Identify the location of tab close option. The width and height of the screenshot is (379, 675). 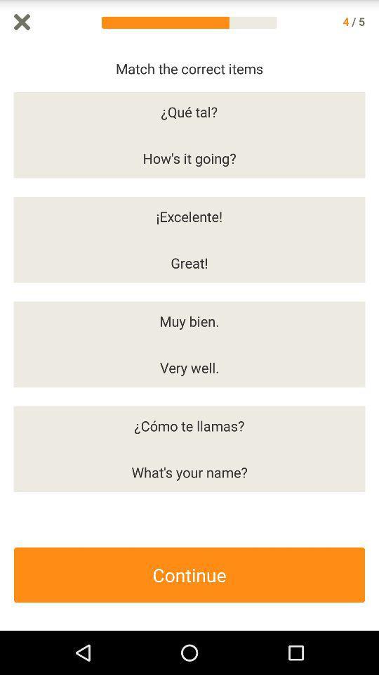
(21, 21).